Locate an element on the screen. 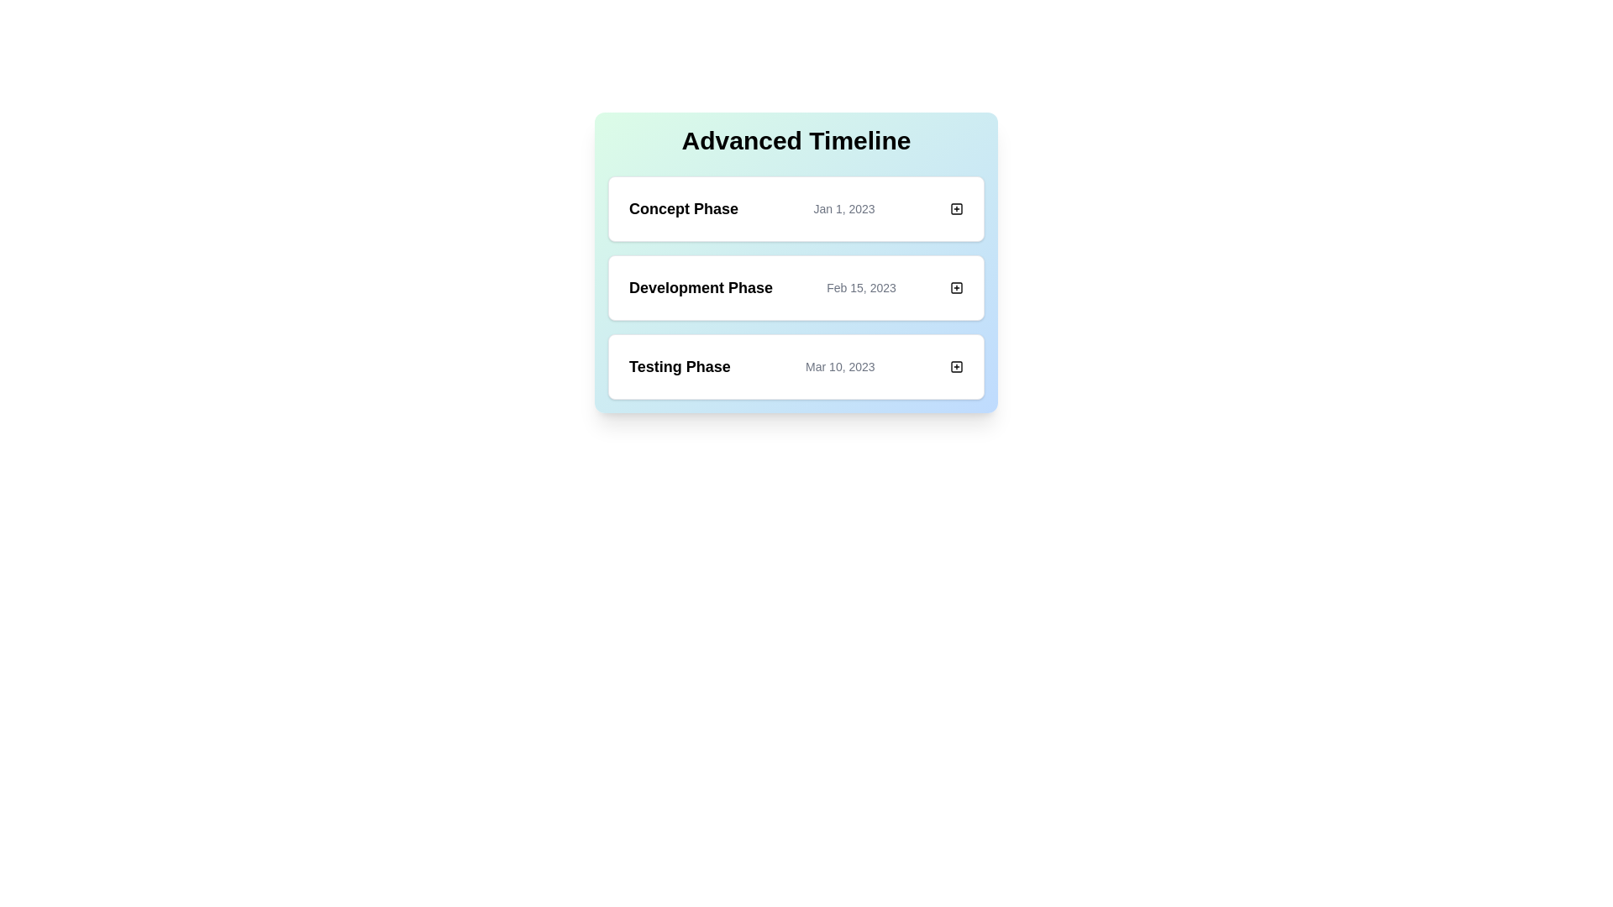 The image size is (1613, 907). the icon button located to the right of 'Feb 15, 2023' in the row for the 'Development Phase' is located at coordinates (956, 287).